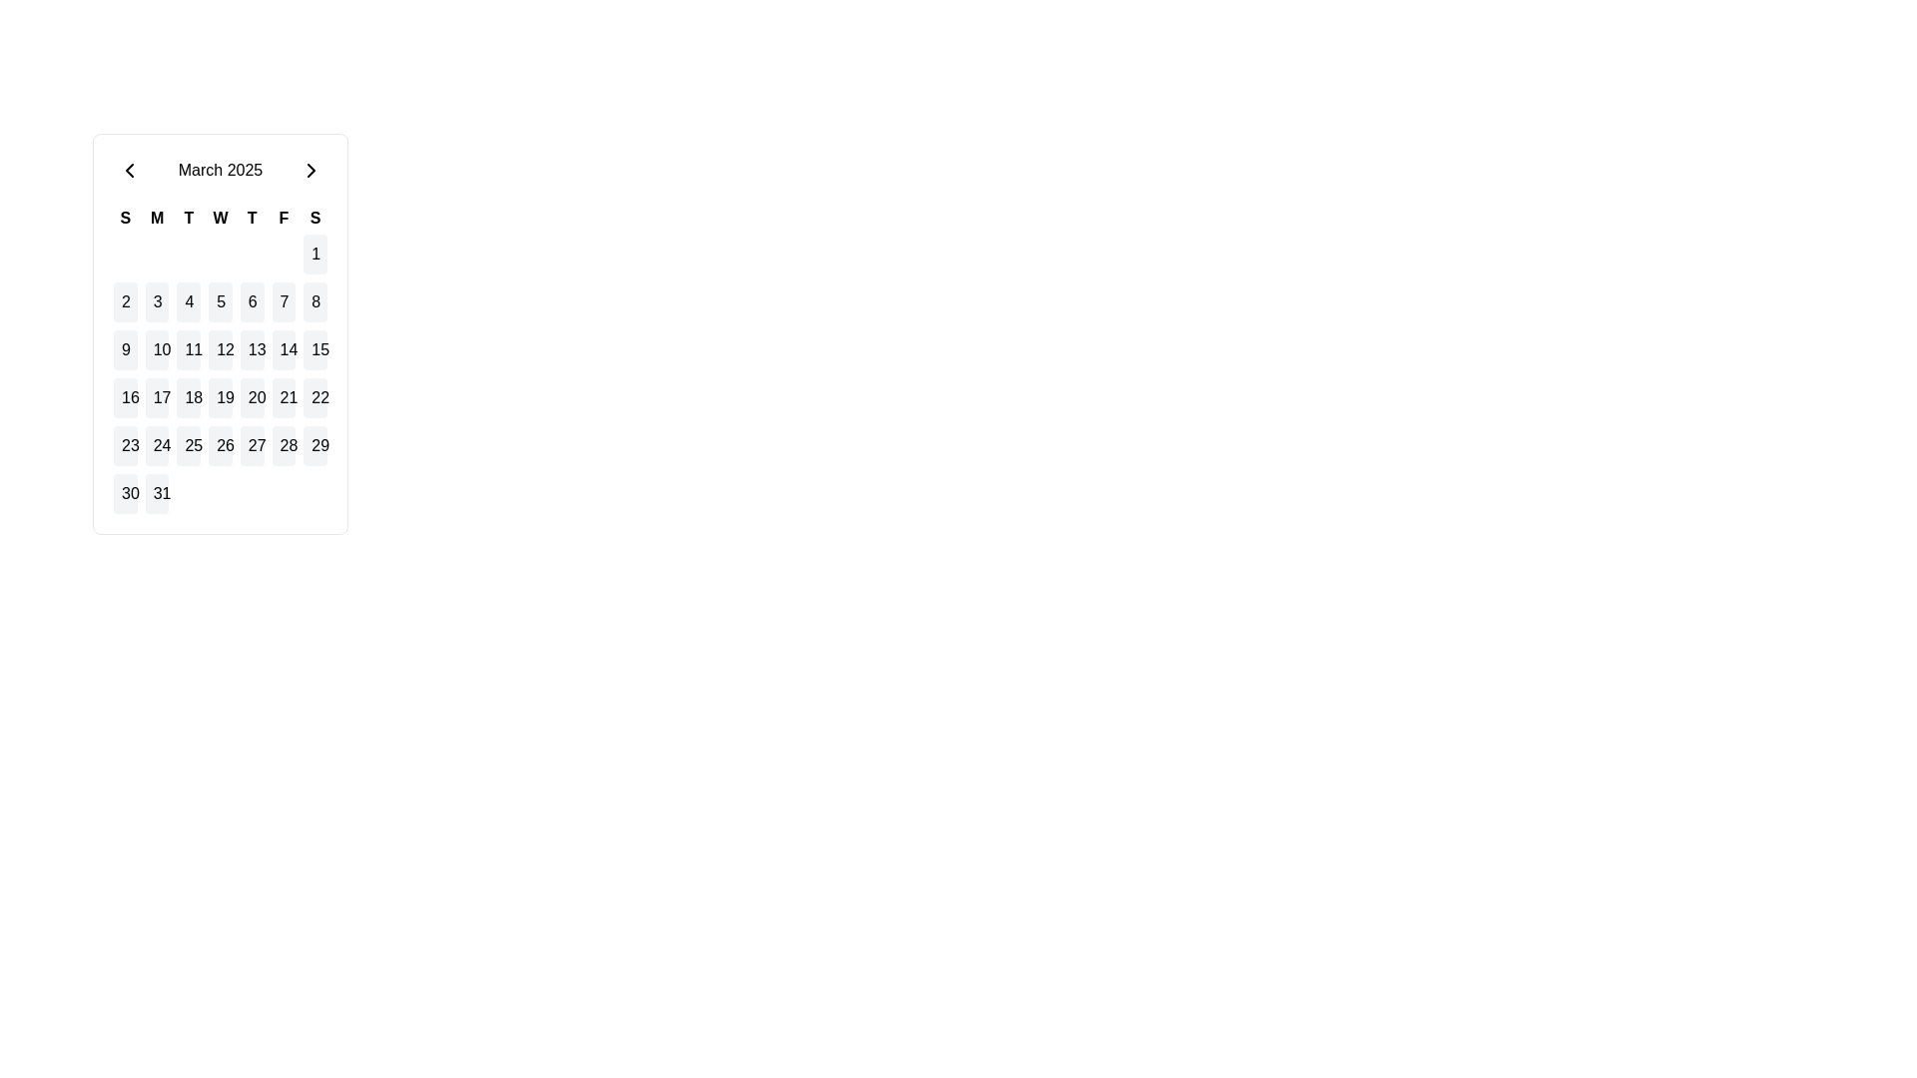  Describe the element at coordinates (220, 169) in the screenshot. I see `the static text label displaying 'March 2025' in the calendar header, which is centrally located between the left and right navigation controls` at that location.